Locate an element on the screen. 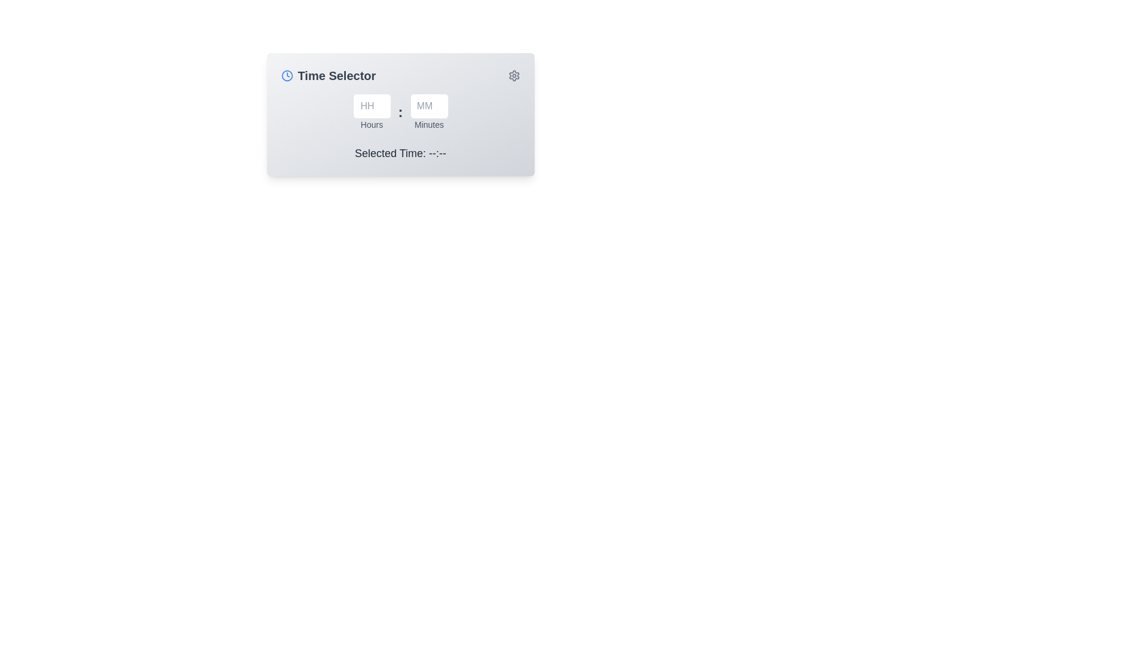 Image resolution: width=1147 pixels, height=645 pixels. the arrow keys is located at coordinates (429, 112).